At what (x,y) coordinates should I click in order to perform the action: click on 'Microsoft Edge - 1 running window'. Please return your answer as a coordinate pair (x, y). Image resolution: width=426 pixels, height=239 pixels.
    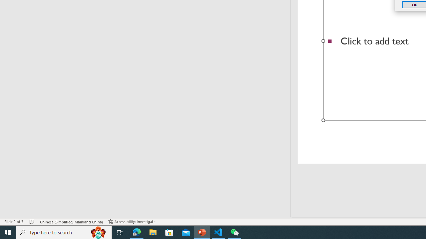
    Looking at the image, I should click on (136, 232).